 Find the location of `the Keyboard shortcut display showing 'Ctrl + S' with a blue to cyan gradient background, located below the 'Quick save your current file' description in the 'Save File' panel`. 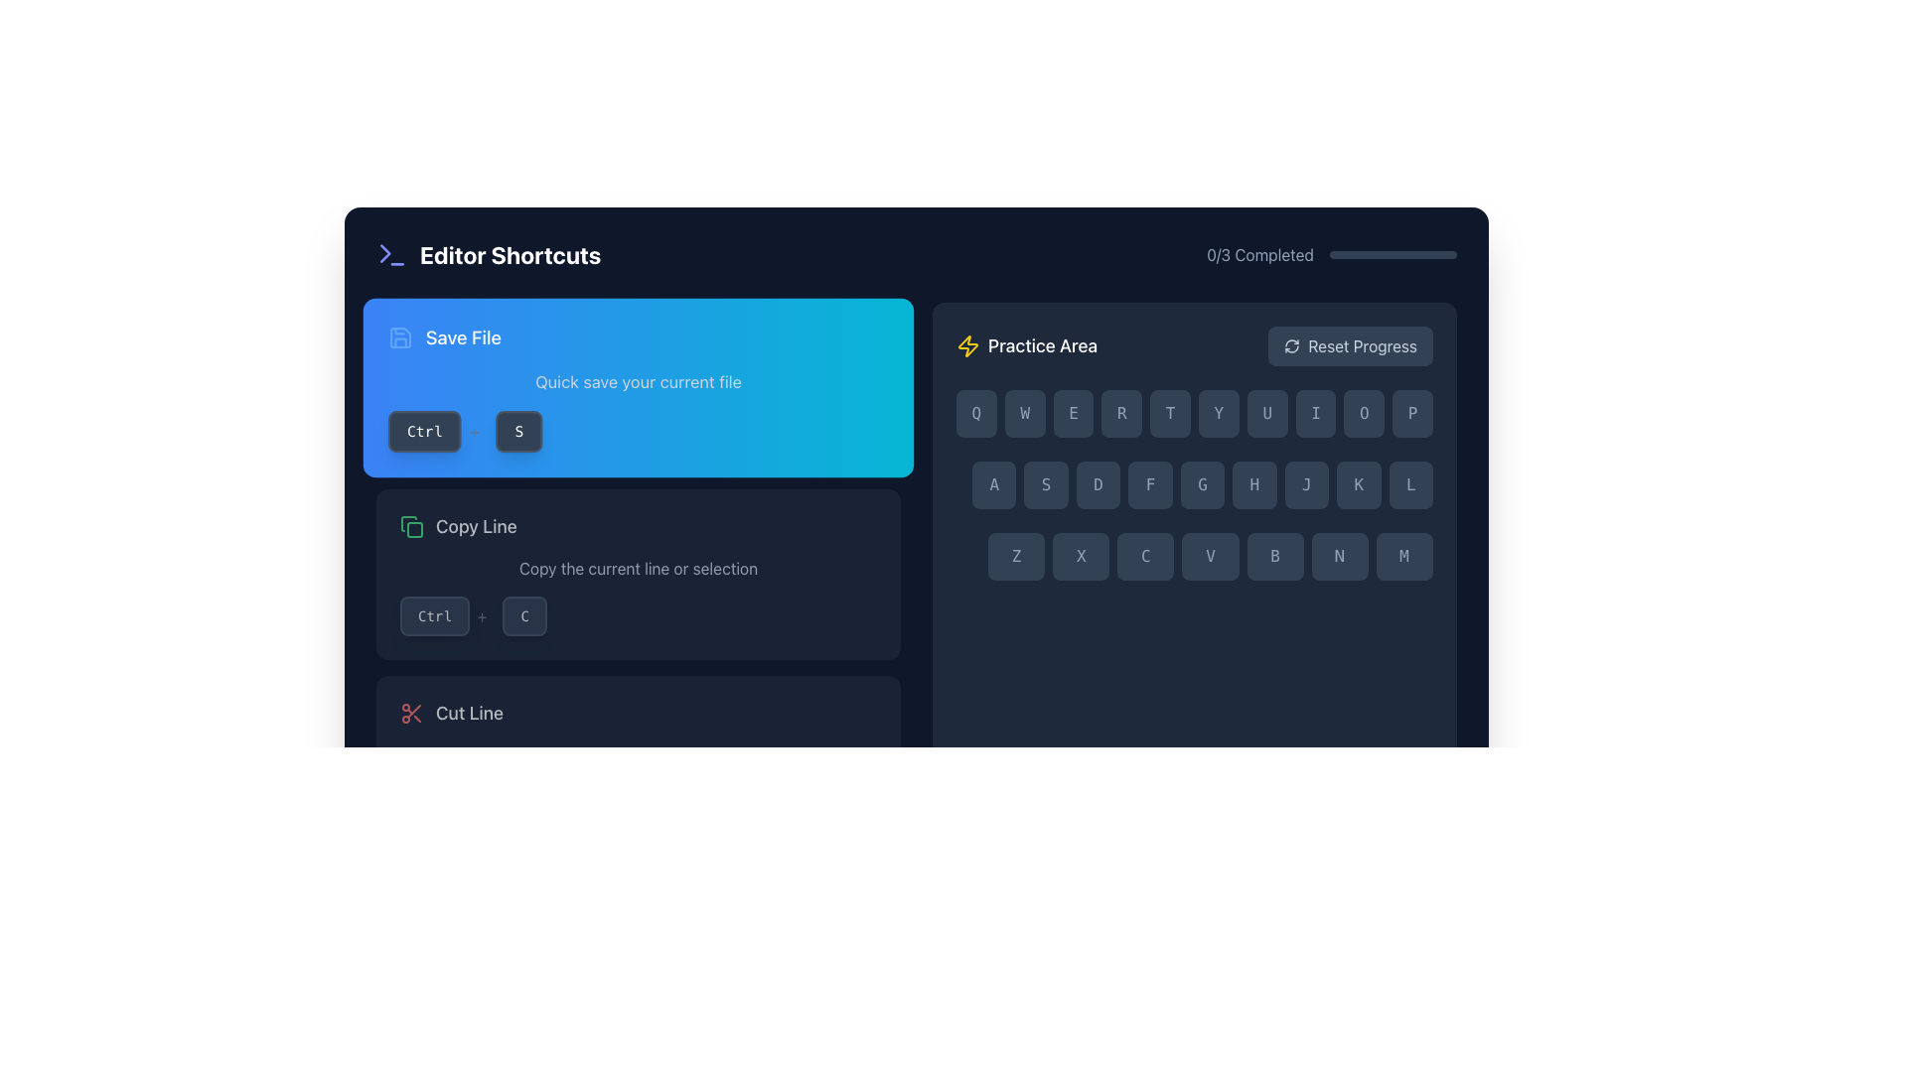

the Keyboard shortcut display showing 'Ctrl + S' with a blue to cyan gradient background, located below the 'Quick save your current file' description in the 'Save File' panel is located at coordinates (639, 431).